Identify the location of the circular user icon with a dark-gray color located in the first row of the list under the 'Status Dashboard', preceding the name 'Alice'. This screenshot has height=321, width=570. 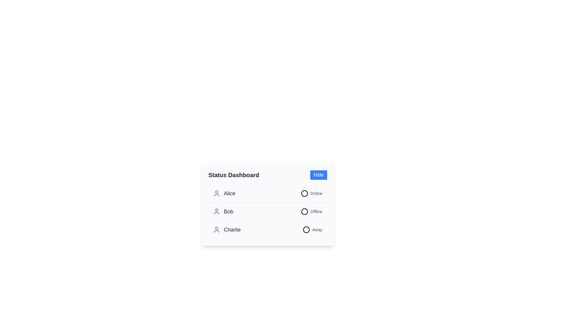
(216, 193).